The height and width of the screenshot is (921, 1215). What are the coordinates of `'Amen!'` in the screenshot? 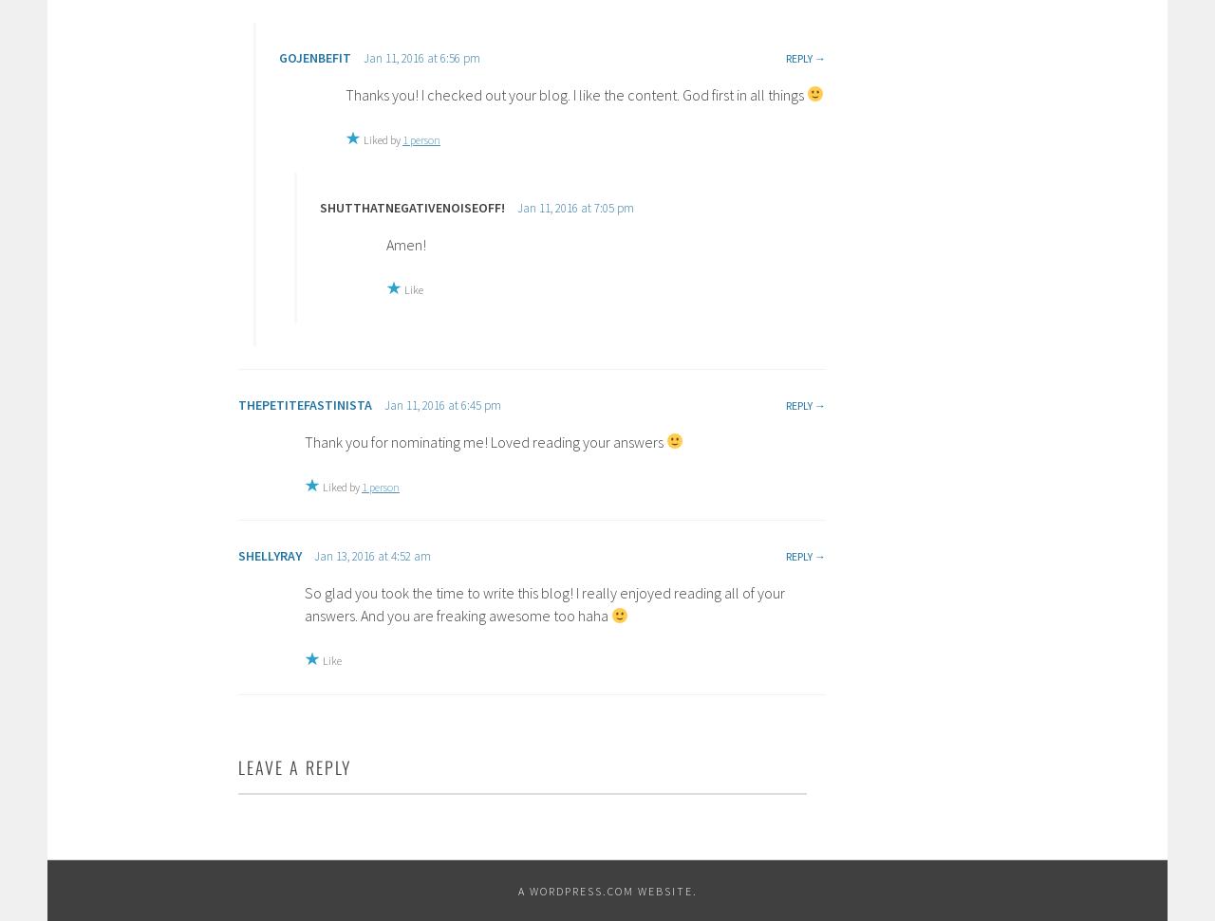 It's located at (405, 244).